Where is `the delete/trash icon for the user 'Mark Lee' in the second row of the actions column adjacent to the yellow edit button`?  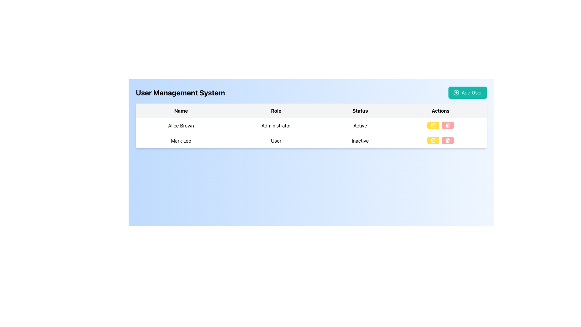 the delete/trash icon for the user 'Mark Lee' in the second row of the actions column adjacent to the yellow edit button is located at coordinates (448, 125).